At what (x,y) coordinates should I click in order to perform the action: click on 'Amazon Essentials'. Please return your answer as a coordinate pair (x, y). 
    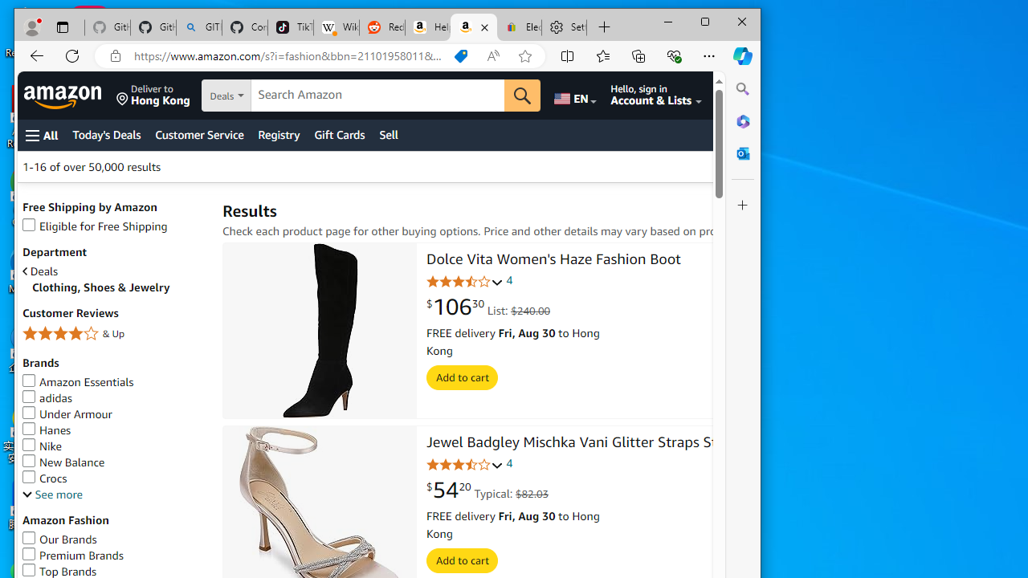
    Looking at the image, I should click on (113, 382).